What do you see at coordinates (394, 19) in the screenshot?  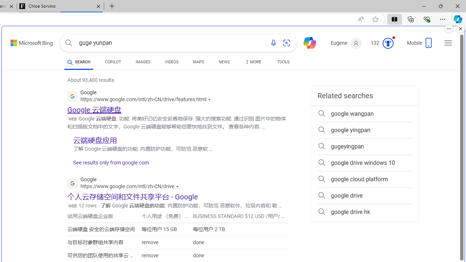 I see `'Split screen'` at bounding box center [394, 19].